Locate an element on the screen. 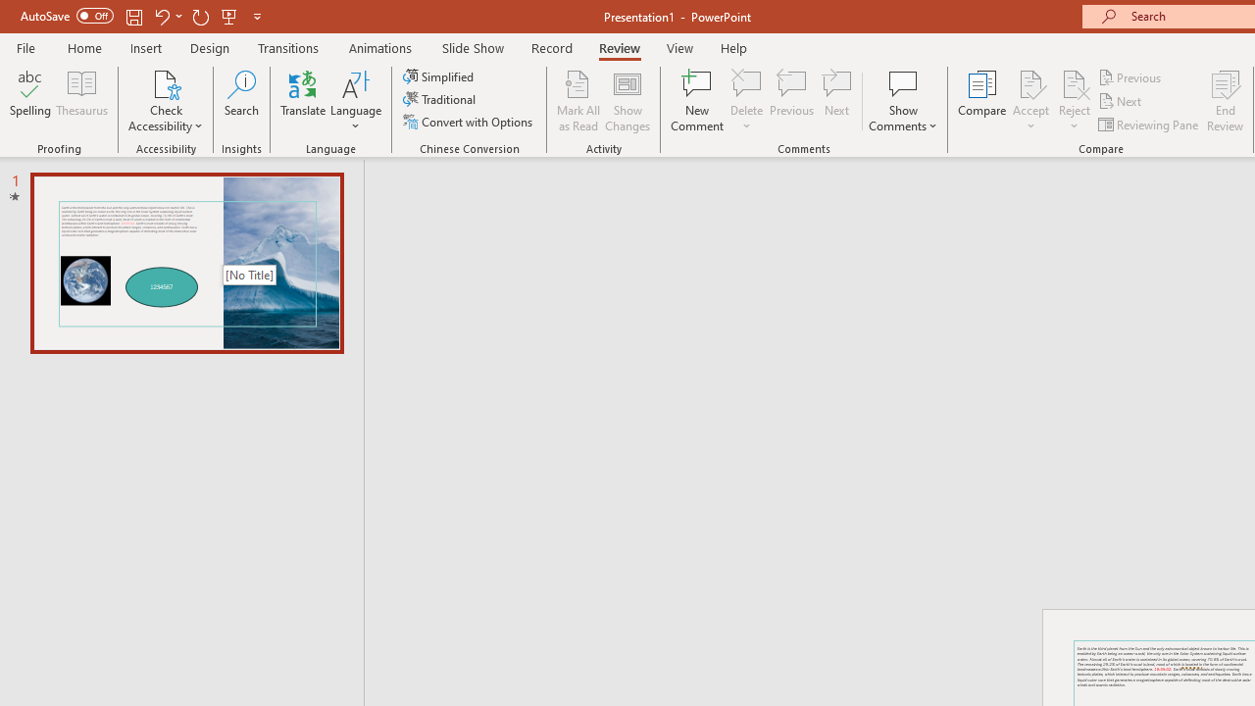 This screenshot has height=706, width=1255. 'Convert with Options...' is located at coordinates (469, 122).